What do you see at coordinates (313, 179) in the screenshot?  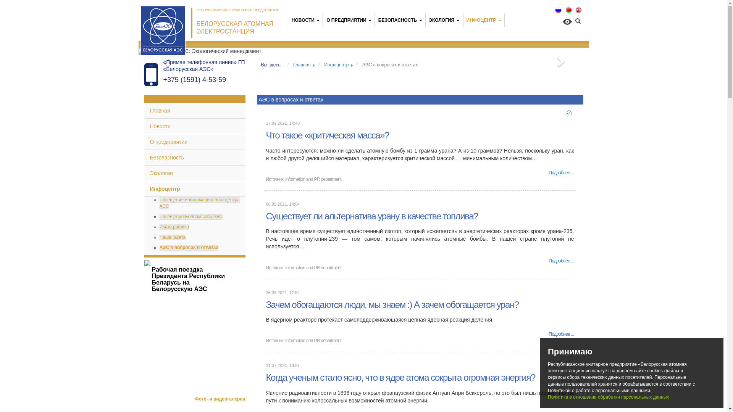 I see `'Information and PR department'` at bounding box center [313, 179].